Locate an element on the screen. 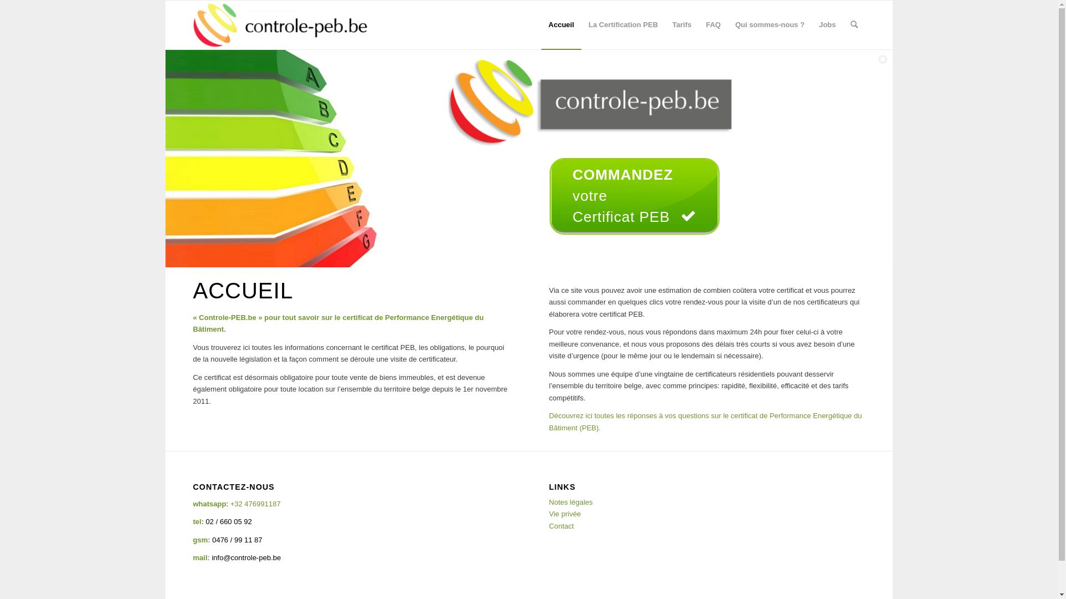 The width and height of the screenshot is (1066, 599). 'Jobs' is located at coordinates (827, 25).